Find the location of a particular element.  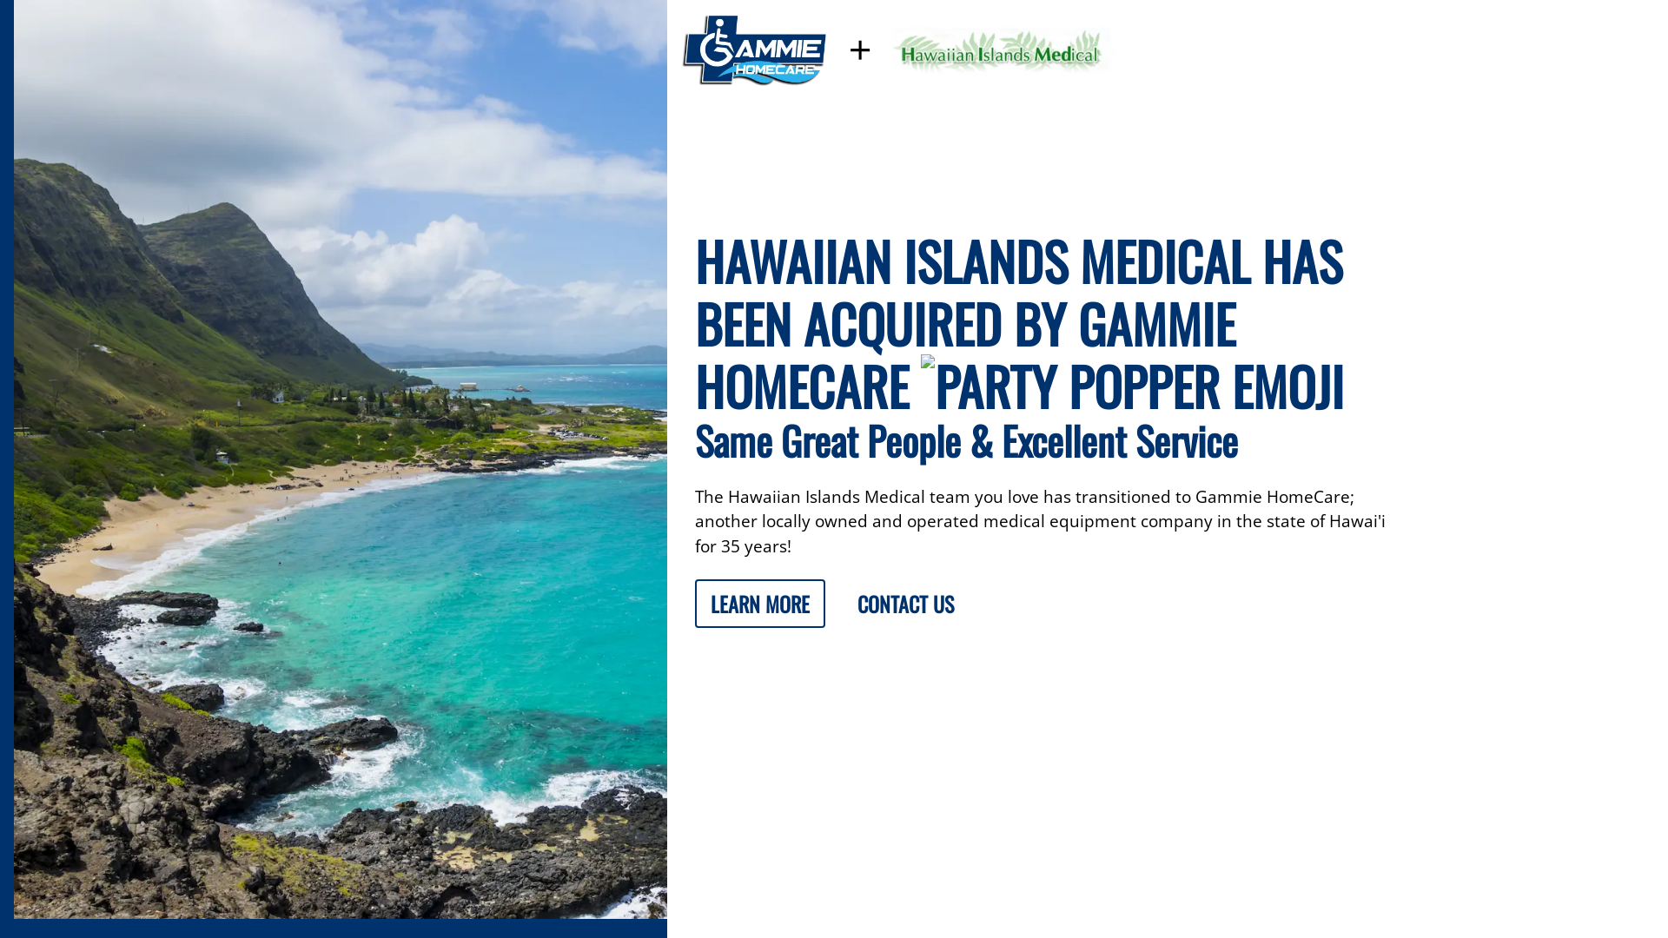

'LEARN MORE' is located at coordinates (759, 602).